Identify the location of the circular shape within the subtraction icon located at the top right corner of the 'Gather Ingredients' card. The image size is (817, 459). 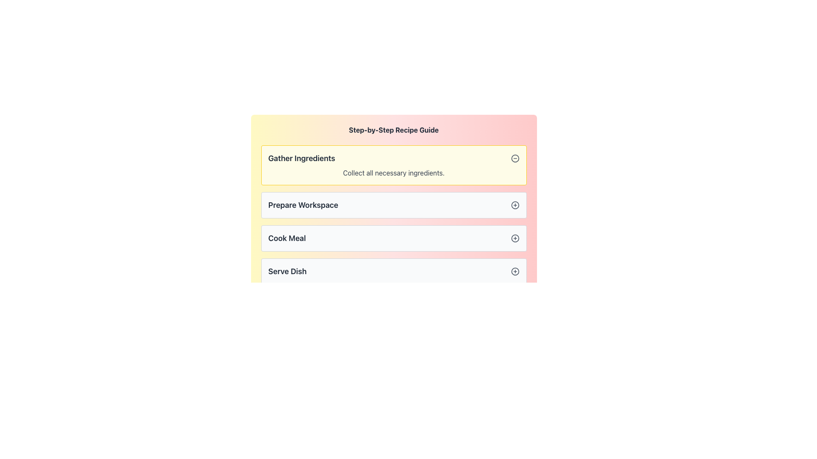
(514, 159).